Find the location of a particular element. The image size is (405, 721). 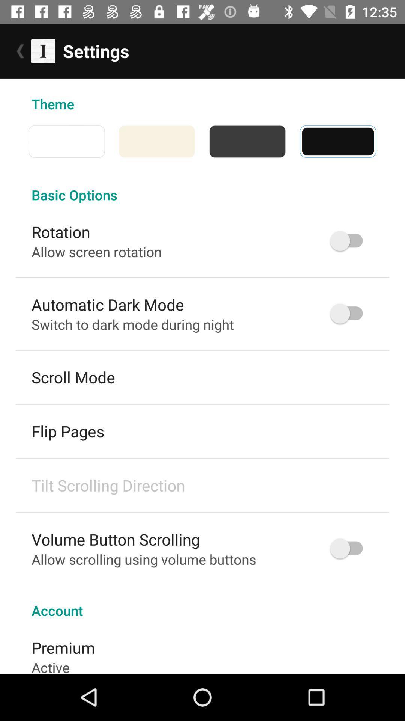

item above the basic options item is located at coordinates (202, 141).